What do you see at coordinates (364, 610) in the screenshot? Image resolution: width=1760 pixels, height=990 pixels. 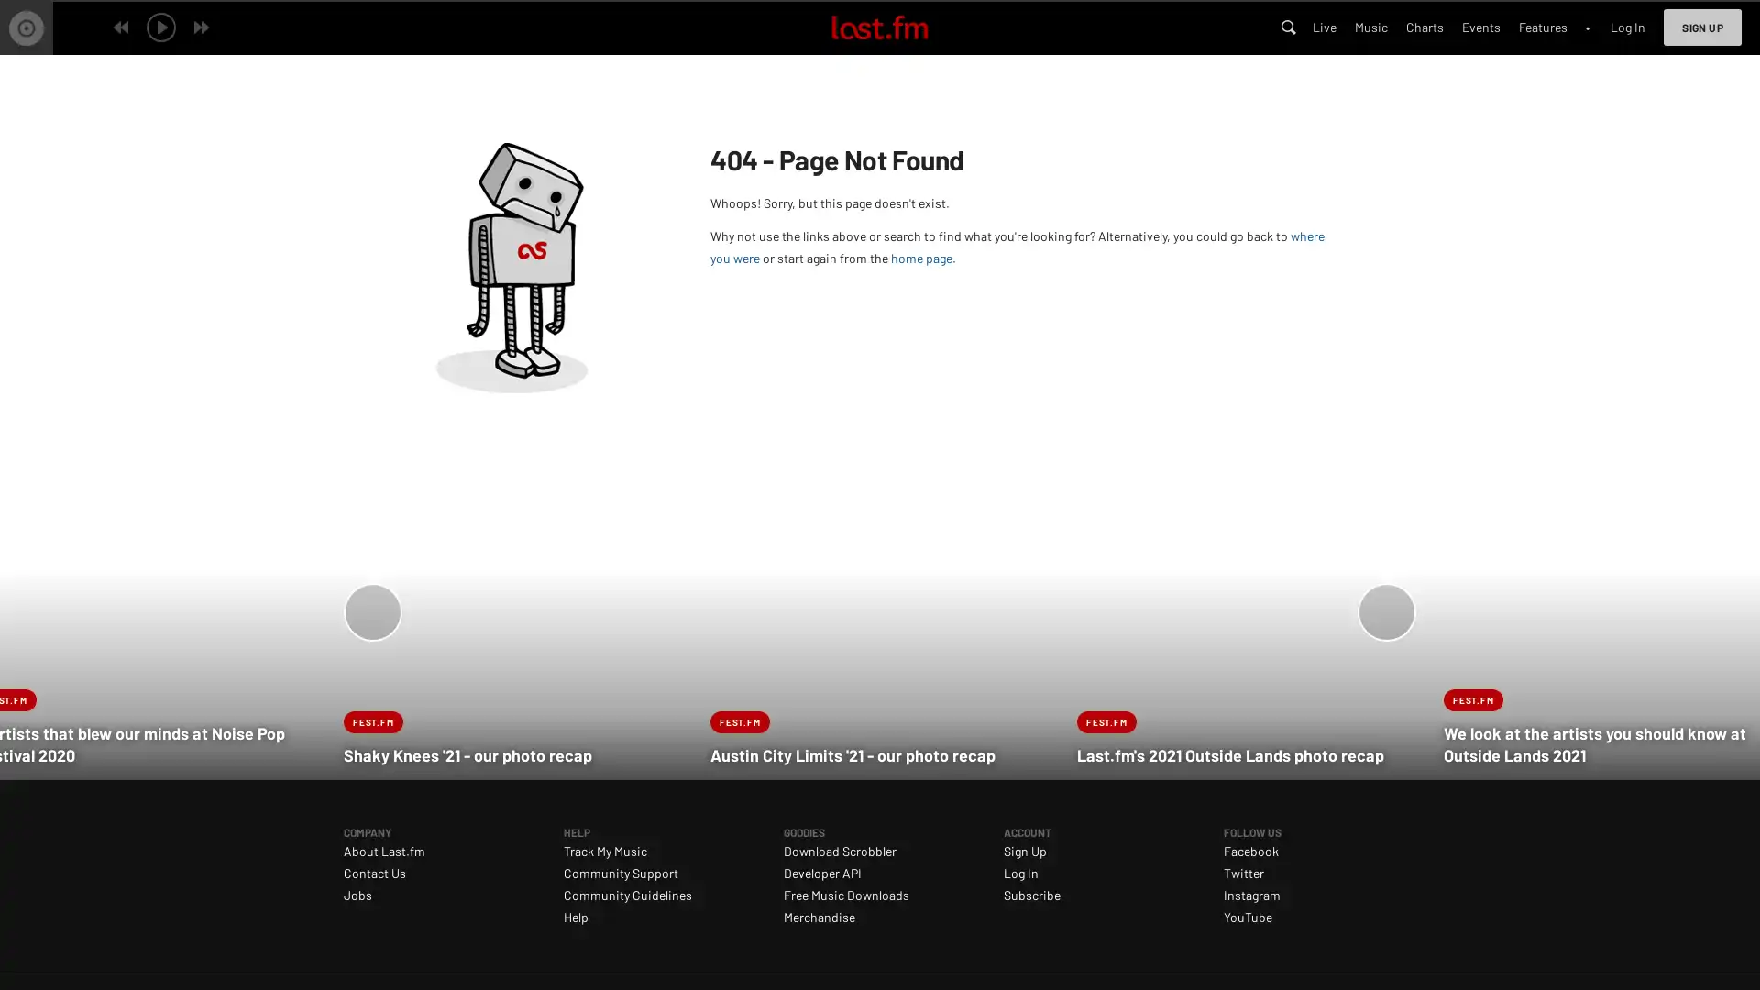 I see `Previous` at bounding box center [364, 610].